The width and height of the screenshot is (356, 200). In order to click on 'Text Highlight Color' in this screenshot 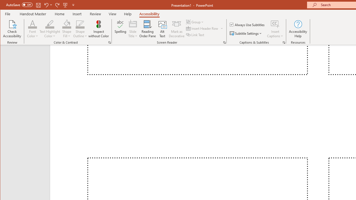, I will do `click(50, 29)`.